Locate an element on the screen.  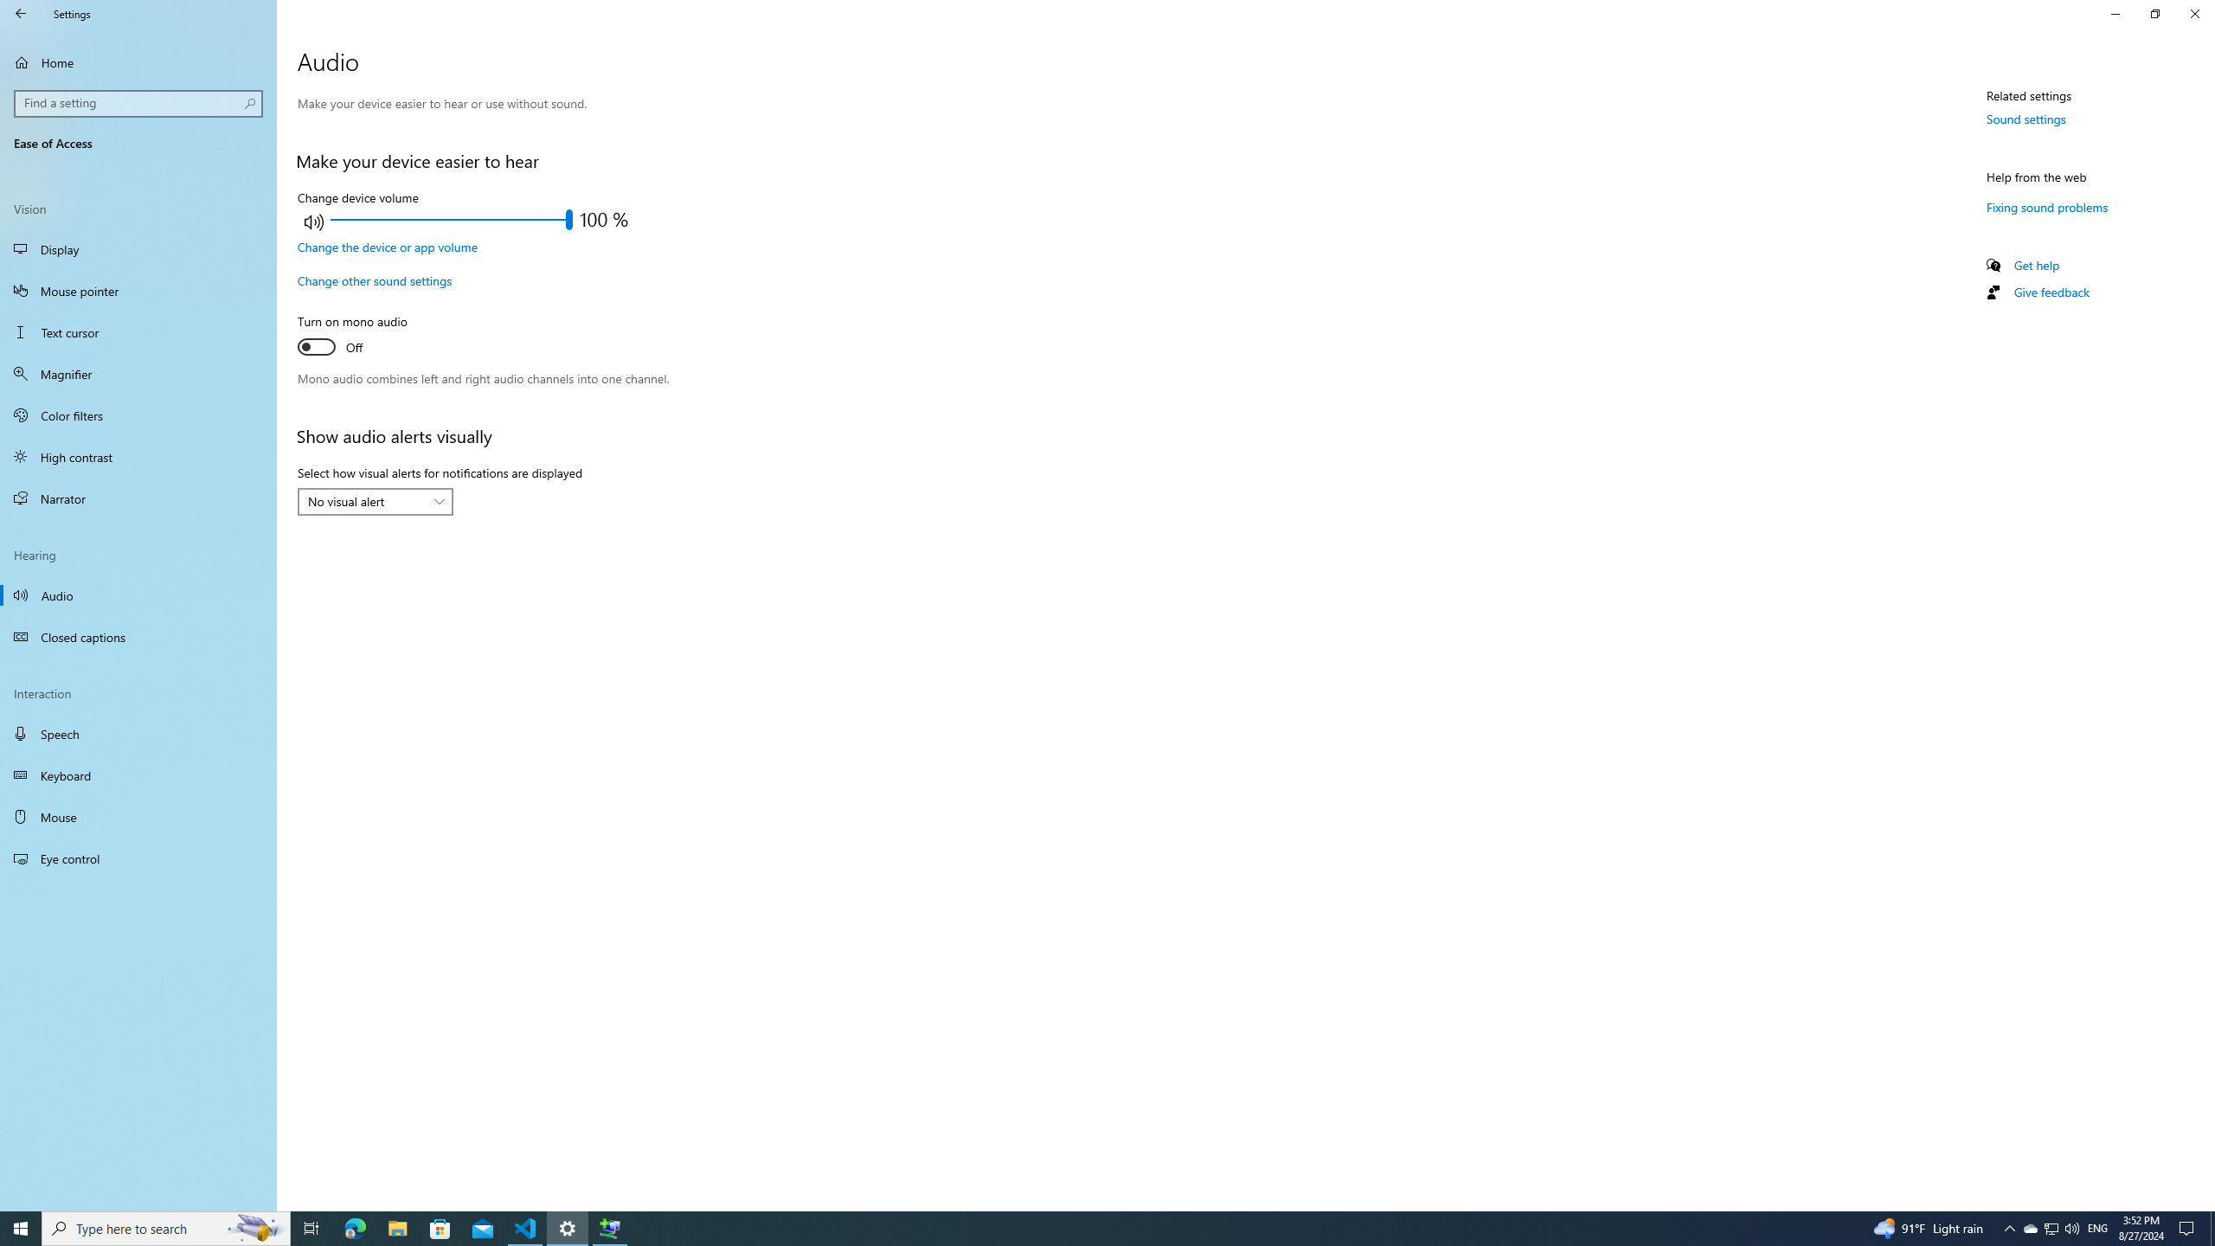
'Change device volume' is located at coordinates (451, 219).